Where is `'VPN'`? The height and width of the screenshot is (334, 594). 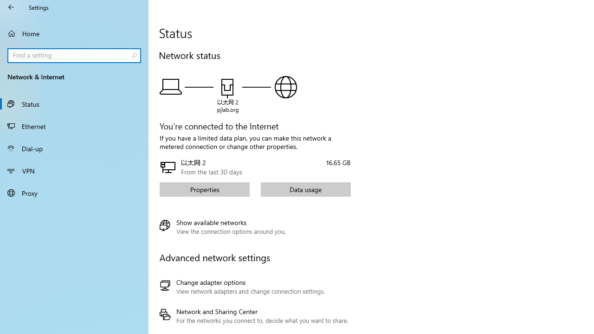
'VPN' is located at coordinates (74, 170).